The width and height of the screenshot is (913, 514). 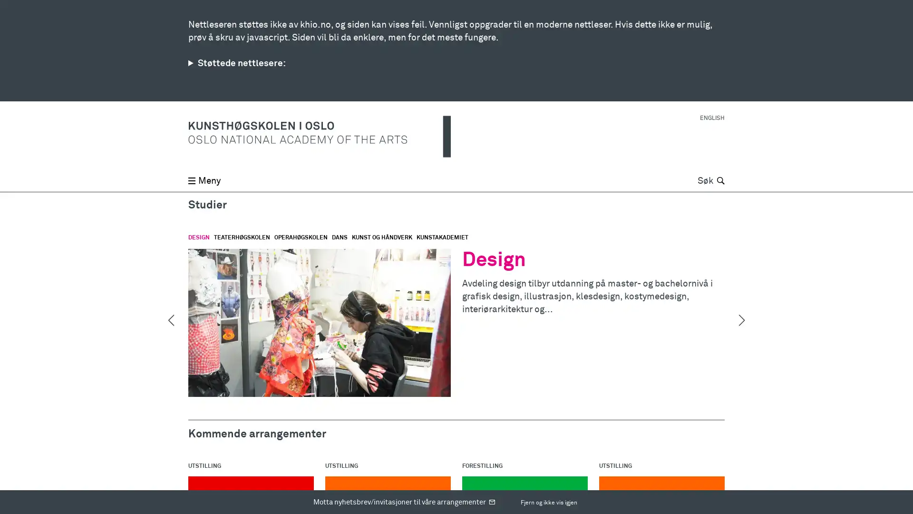 I want to click on DANS, so click(x=340, y=238).